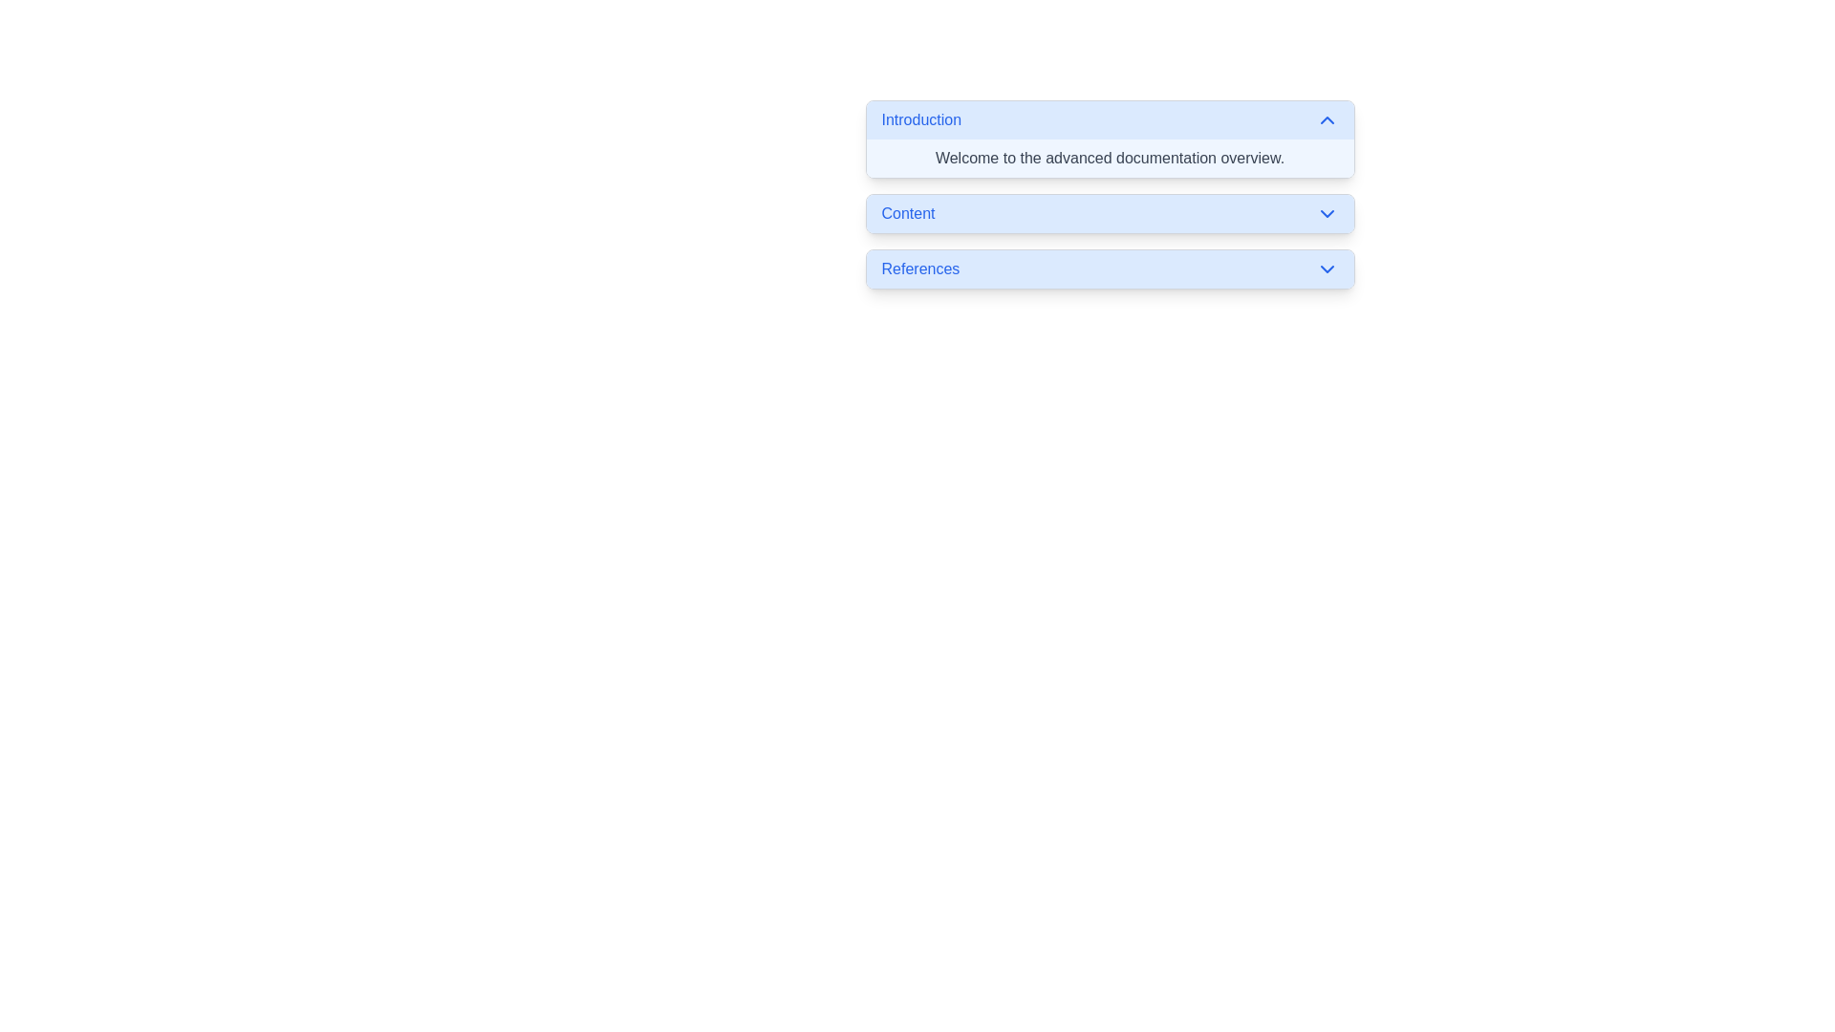 The height and width of the screenshot is (1032, 1835). What do you see at coordinates (1110, 157) in the screenshot?
I see `the static text block that provides introductory information for the advanced documentation section, located within the 'Introduction' section of a collapsible menu` at bounding box center [1110, 157].